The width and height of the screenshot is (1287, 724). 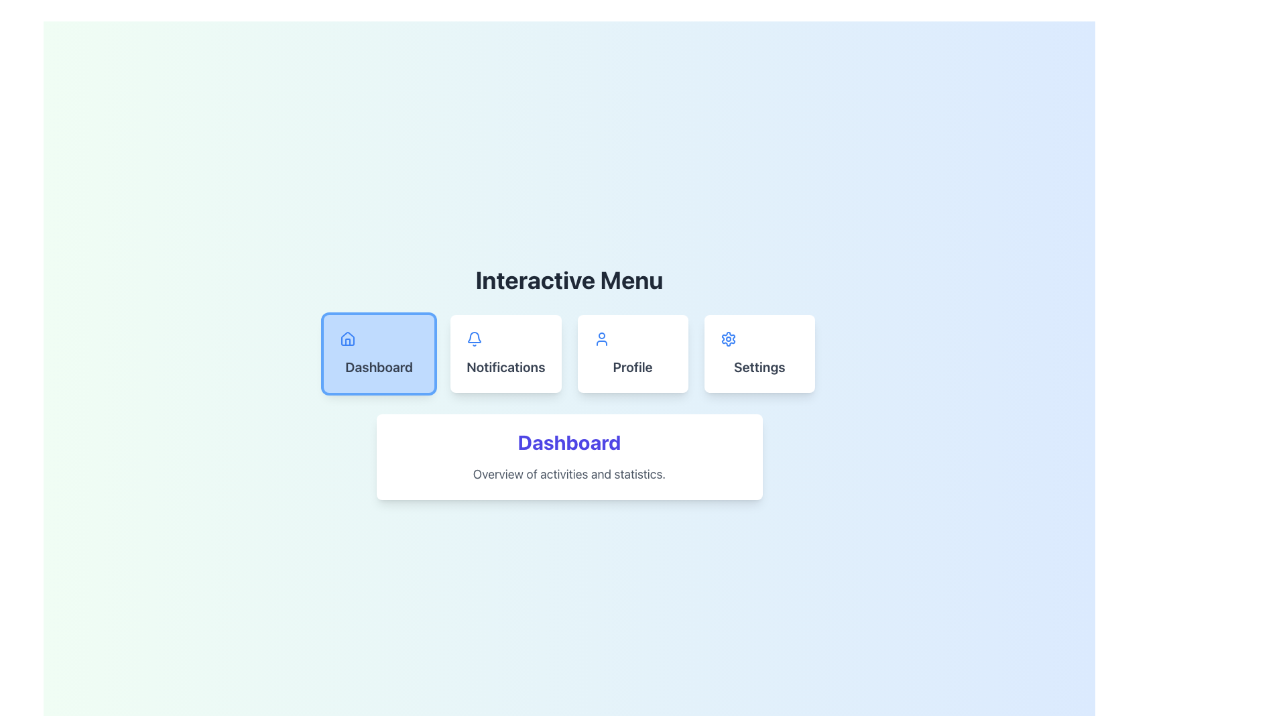 What do you see at coordinates (475, 338) in the screenshot?
I see `the blue bell-shaped notification icon located in the interactive menu section, positioned between the 'Dashboard' and 'Profile' menu items` at bounding box center [475, 338].